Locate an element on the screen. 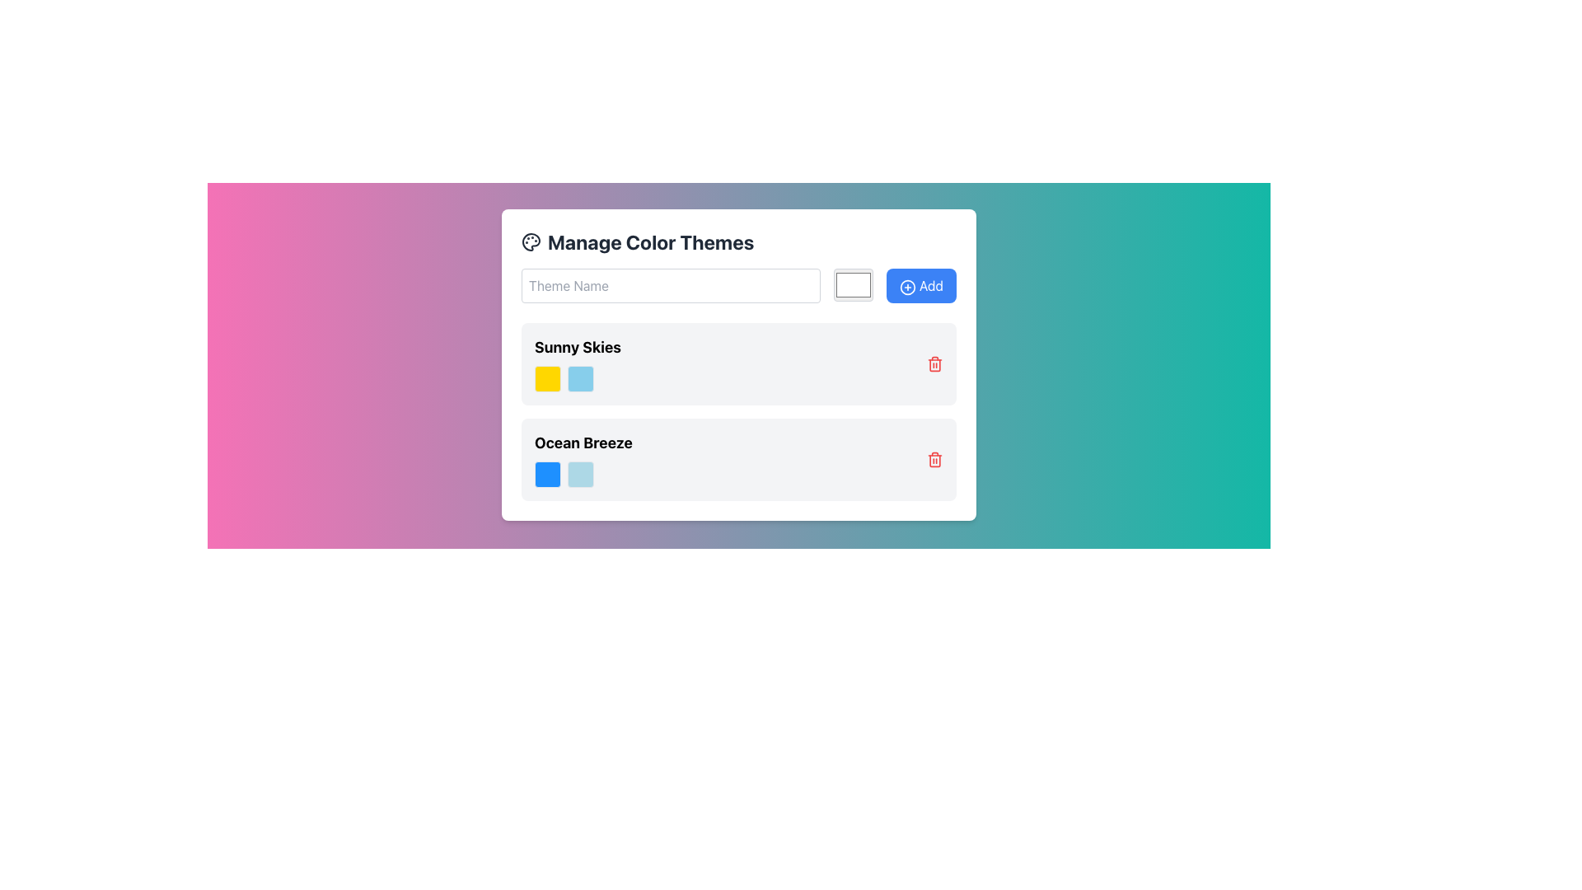  the colors in the Color palette sample located in the 'Sunny Skies' section, which includes a yellow square on the left and a light blue square on the right is located at coordinates (578, 378).